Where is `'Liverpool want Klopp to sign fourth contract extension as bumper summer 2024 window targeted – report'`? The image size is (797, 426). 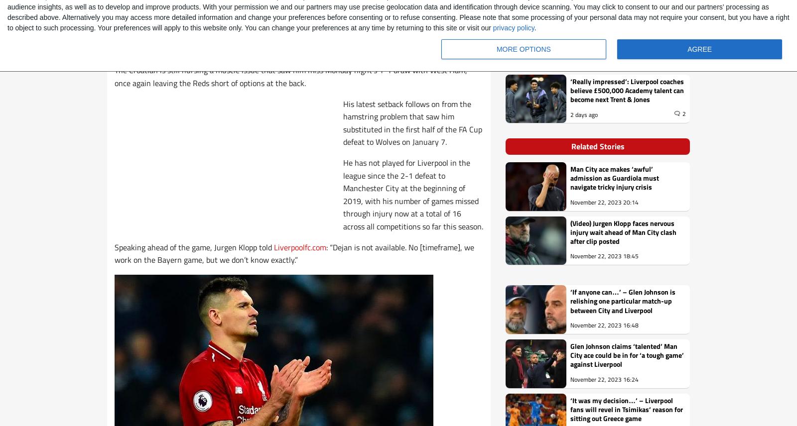
'Liverpool want Klopp to sign fourth contract extension as bumper summer 2024 window targeted – report' is located at coordinates (623, 35).